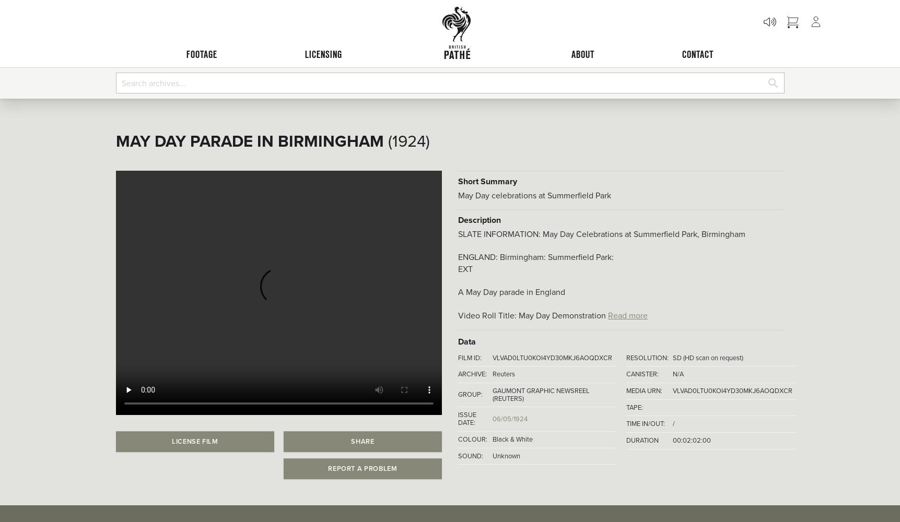  What do you see at coordinates (503, 373) in the screenshot?
I see `'Reuters'` at bounding box center [503, 373].